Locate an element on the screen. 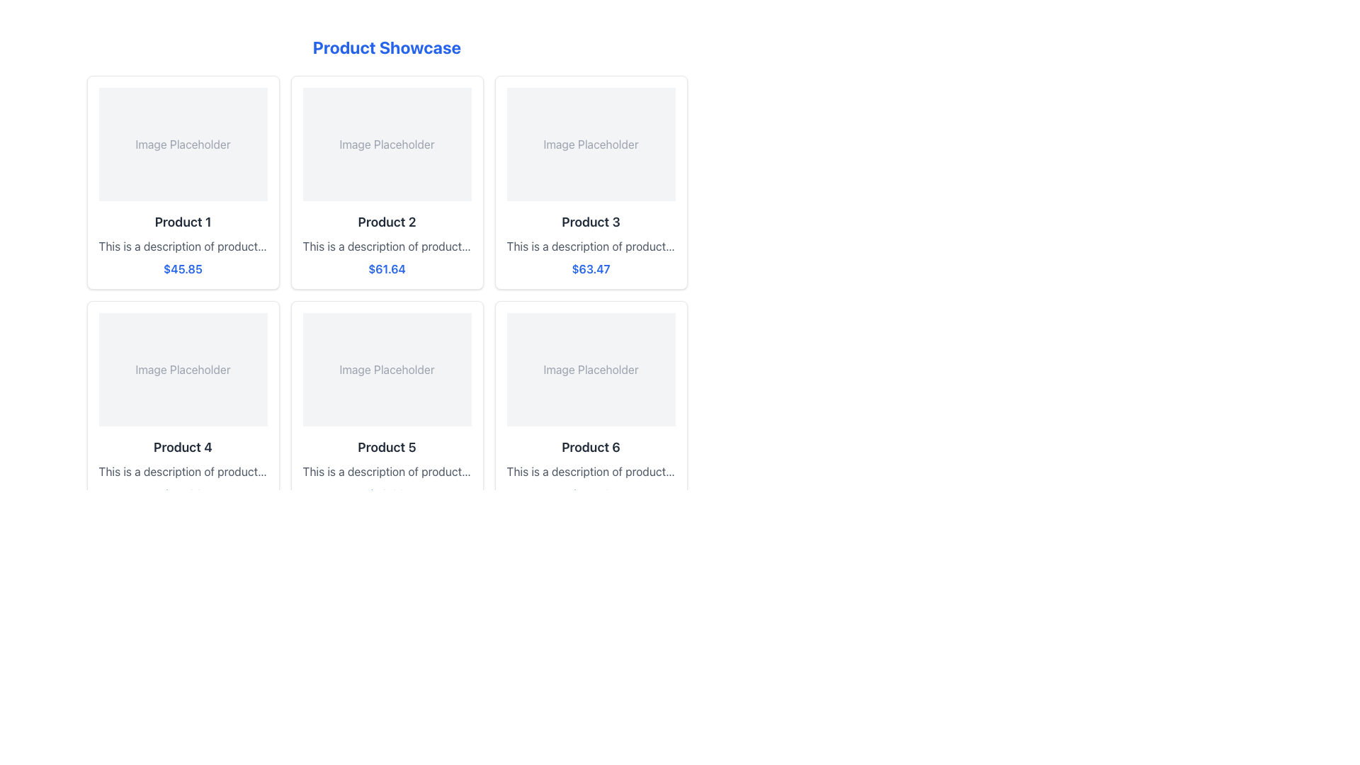  the product display card located in the third column of the second row, which presents product details including an image, name, description, and price is located at coordinates (591, 407).